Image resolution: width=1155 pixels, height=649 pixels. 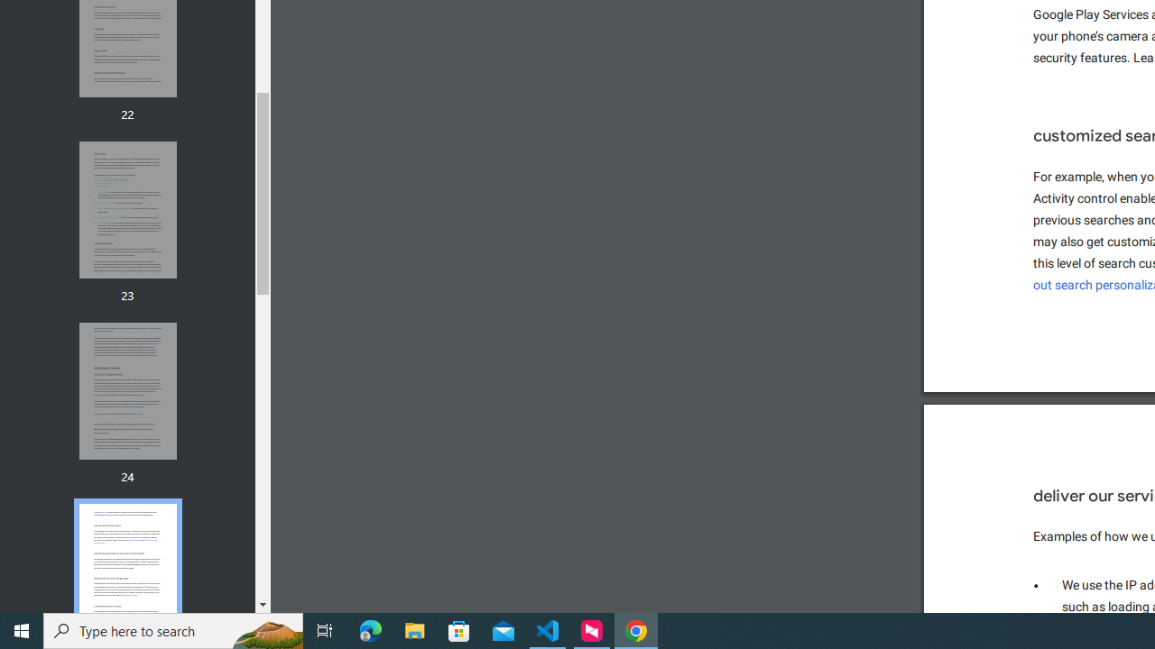 I want to click on 'Thumbnail for page 24', so click(x=126, y=390).